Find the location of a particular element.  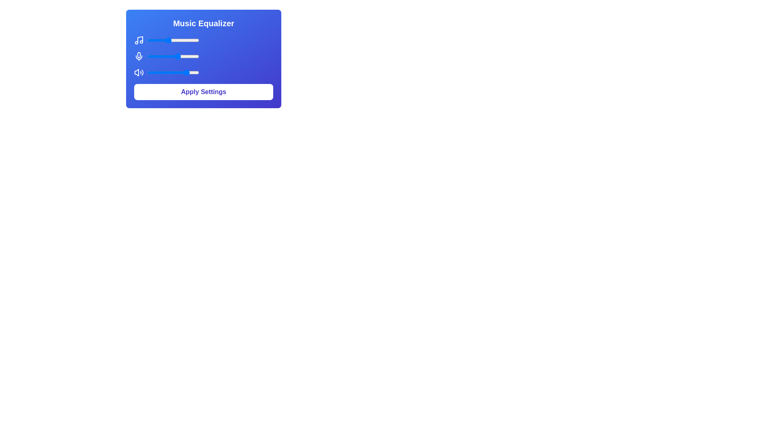

the volume is located at coordinates (188, 73).